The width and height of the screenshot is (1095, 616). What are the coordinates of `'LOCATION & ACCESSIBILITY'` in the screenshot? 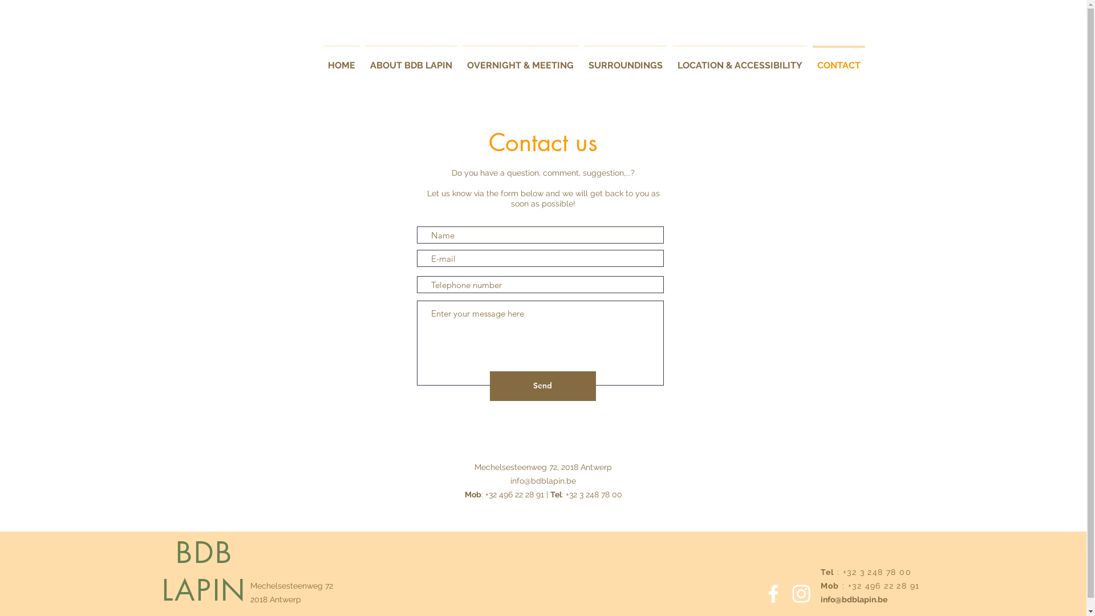 It's located at (739, 60).